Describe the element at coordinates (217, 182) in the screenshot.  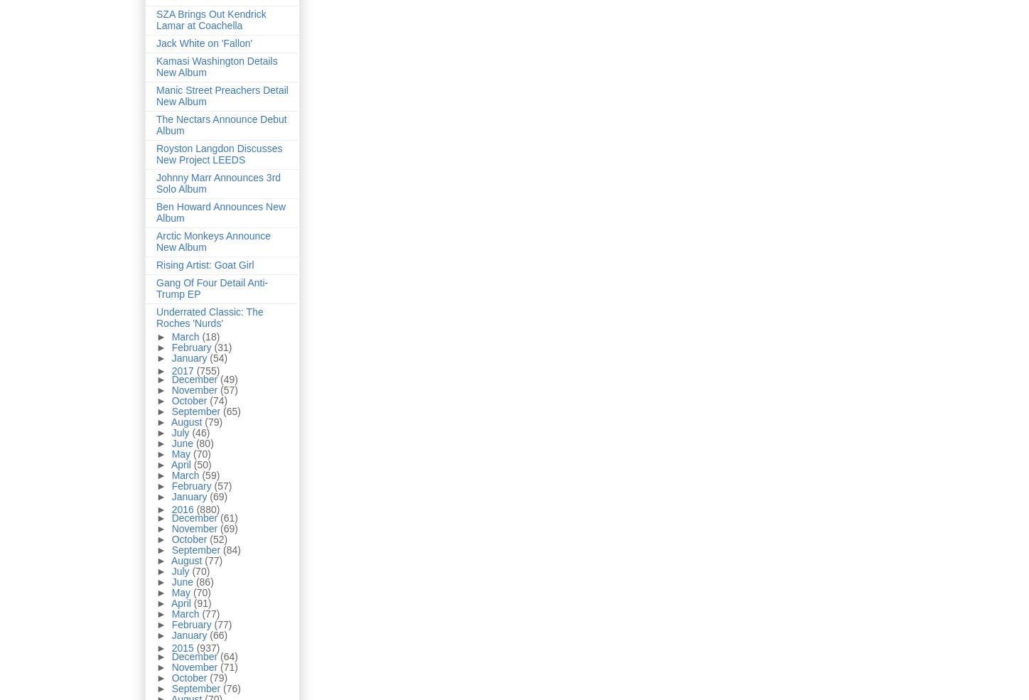
I see `'Johnny Marr Announces 3rd Solo Album'` at that location.